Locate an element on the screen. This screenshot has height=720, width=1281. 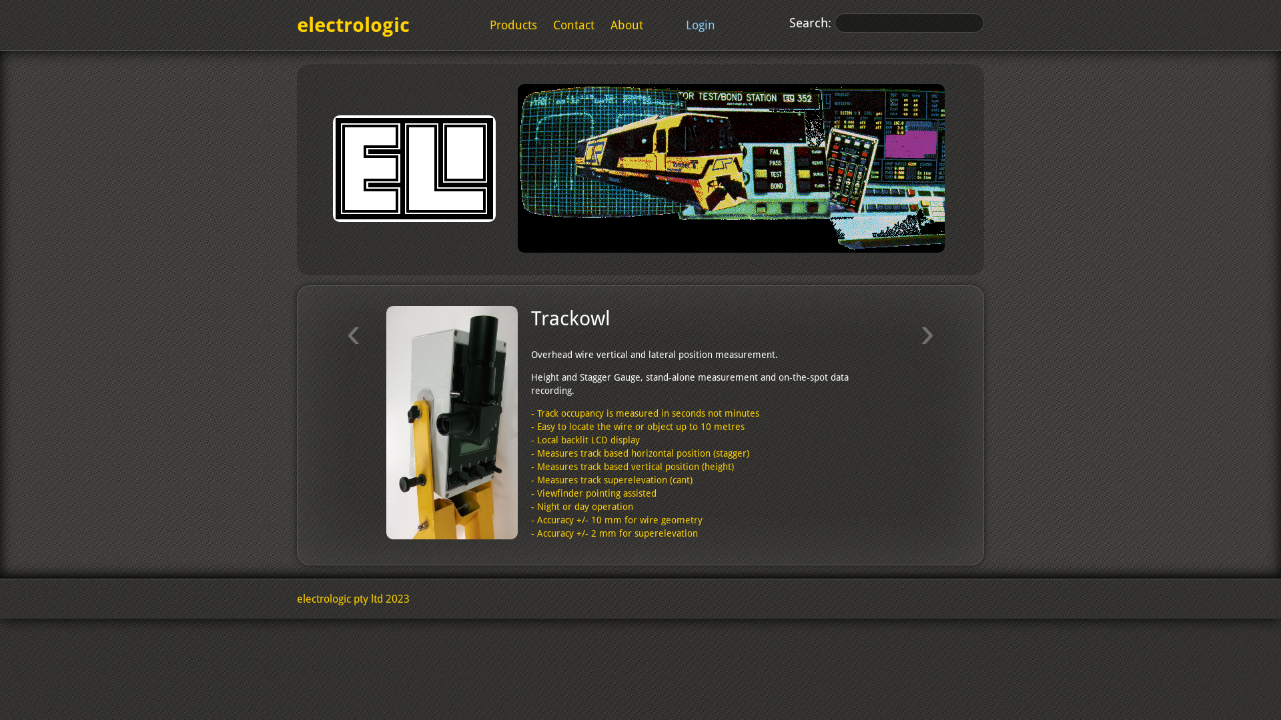
'Contact' is located at coordinates (573, 25).